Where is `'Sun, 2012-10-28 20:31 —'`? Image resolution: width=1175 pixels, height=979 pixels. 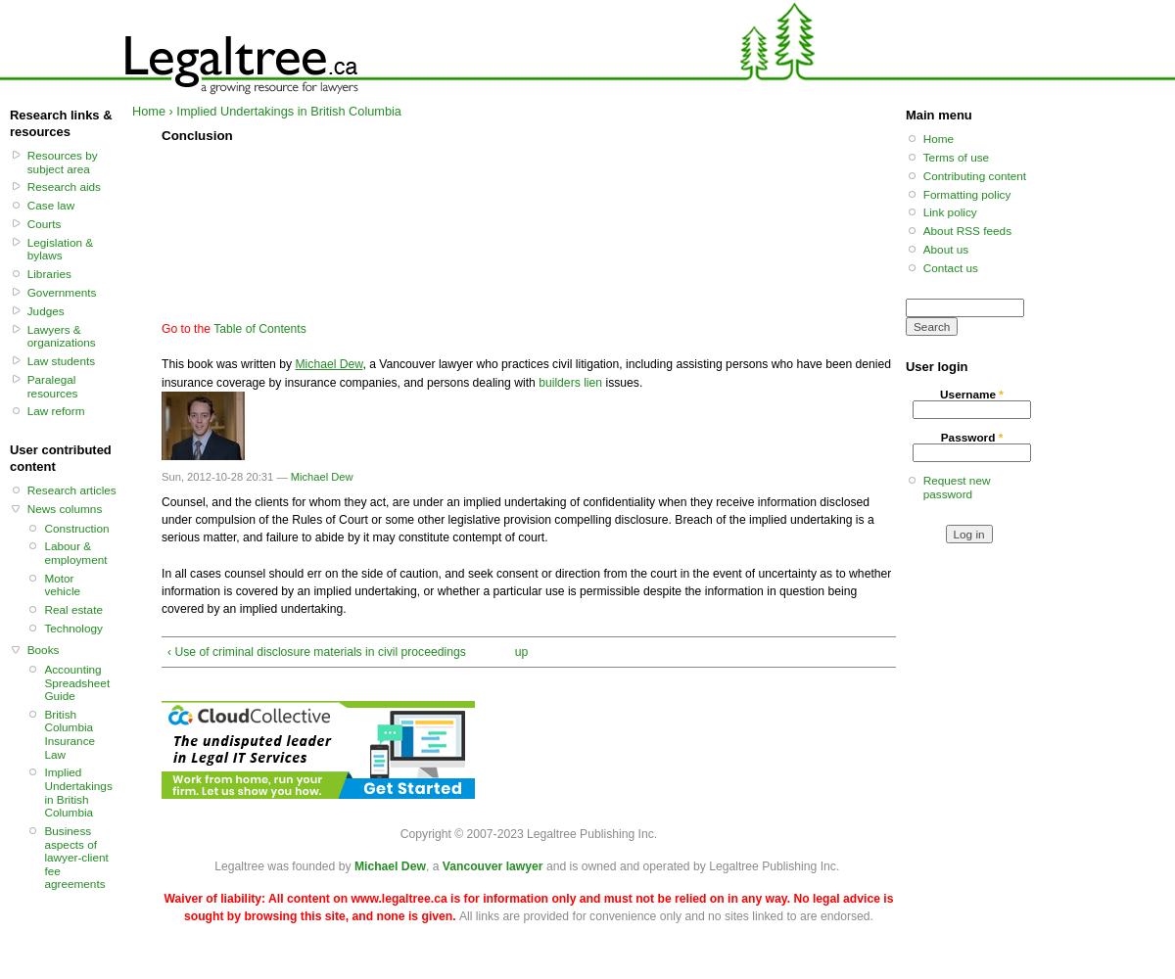
'Sun, 2012-10-28 20:31 —' is located at coordinates (161, 476).